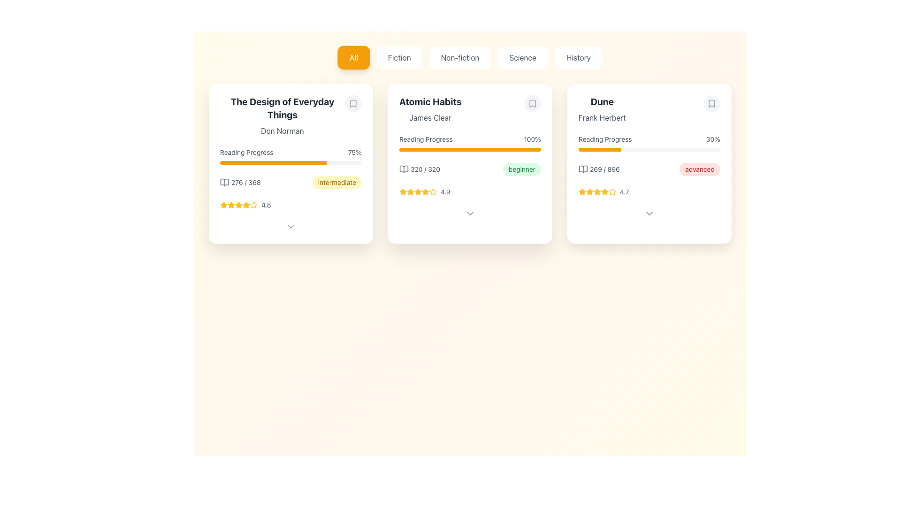 The image size is (901, 507). Describe the element at coordinates (445, 191) in the screenshot. I see `the text label displaying the value '4.9' in gray font, located at the bottom part of the card labeled 'Atomic Habits', adjacent to the star icons` at that location.